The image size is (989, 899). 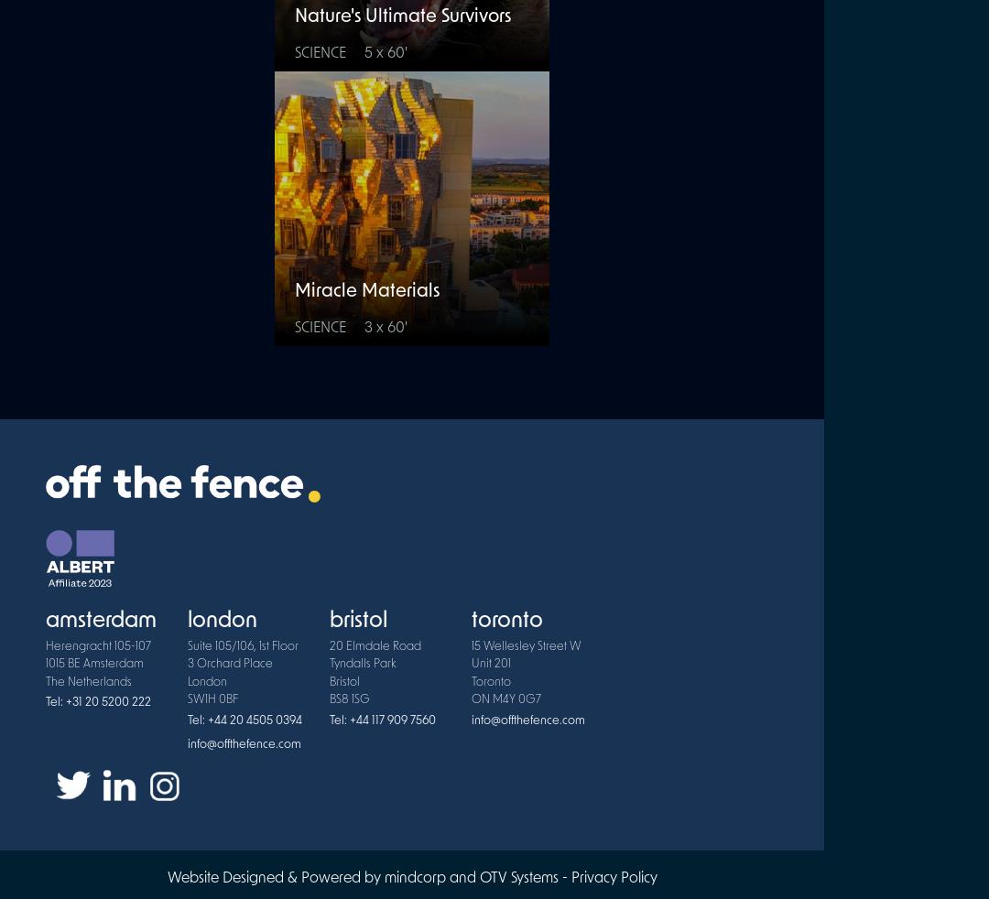 What do you see at coordinates (363, 663) in the screenshot?
I see `'Tyndalls Park'` at bounding box center [363, 663].